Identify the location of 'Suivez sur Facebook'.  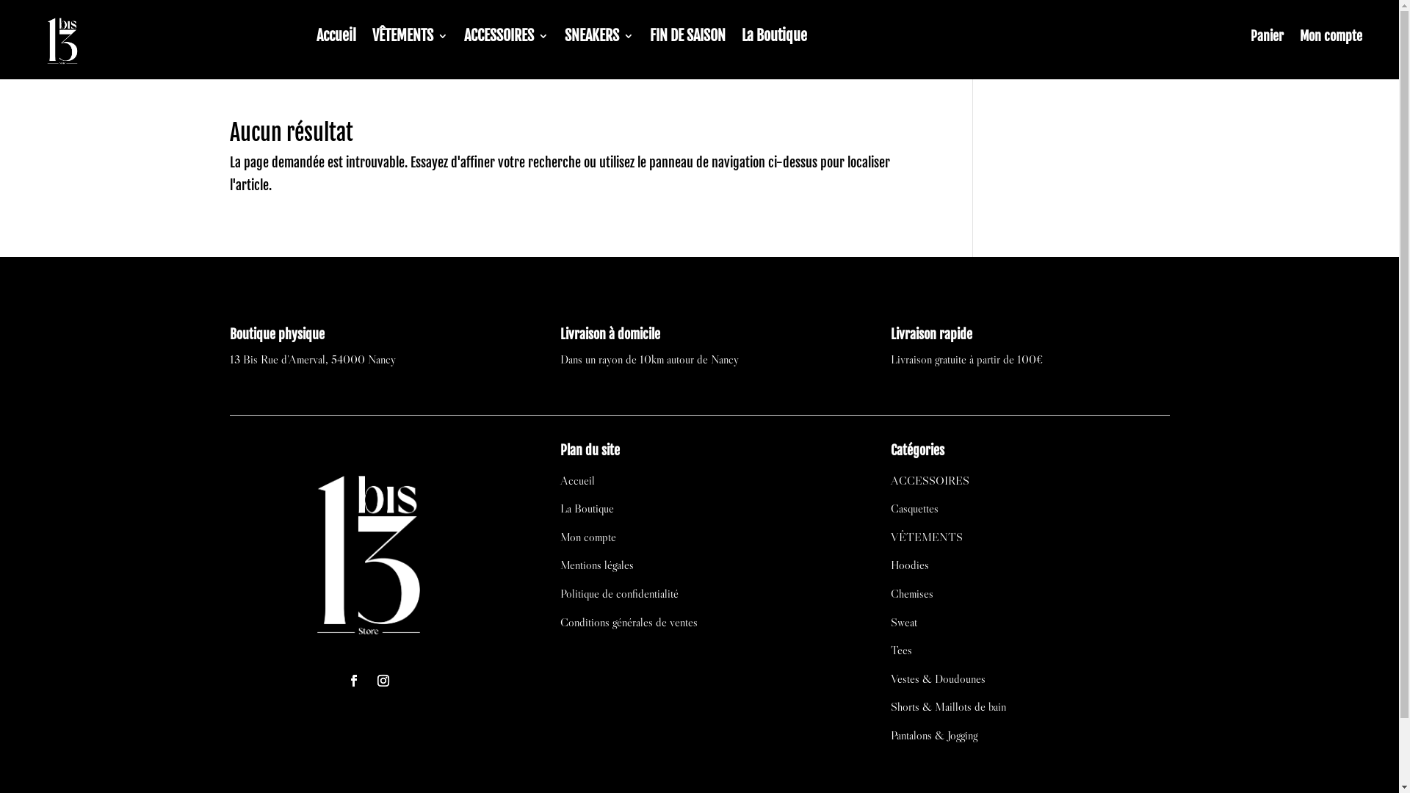
(341, 680).